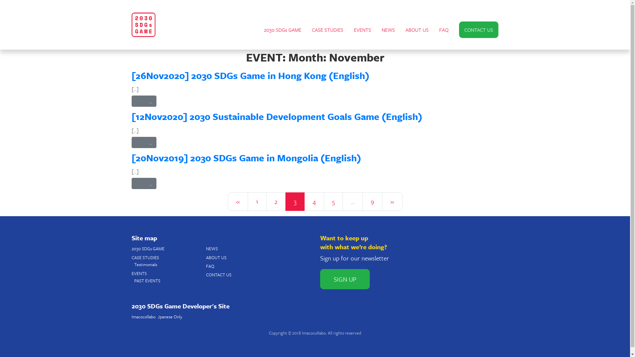 The image size is (635, 357). What do you see at coordinates (147, 280) in the screenshot?
I see `'PAST EVENTS'` at bounding box center [147, 280].